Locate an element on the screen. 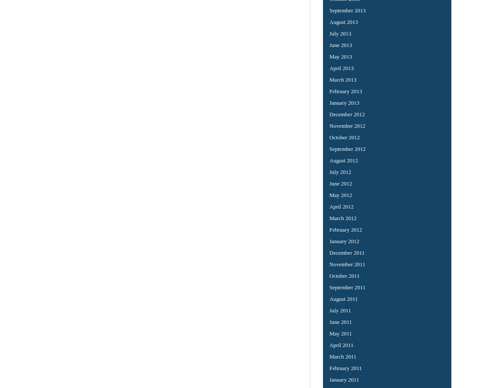  'May 2012' is located at coordinates (340, 194).